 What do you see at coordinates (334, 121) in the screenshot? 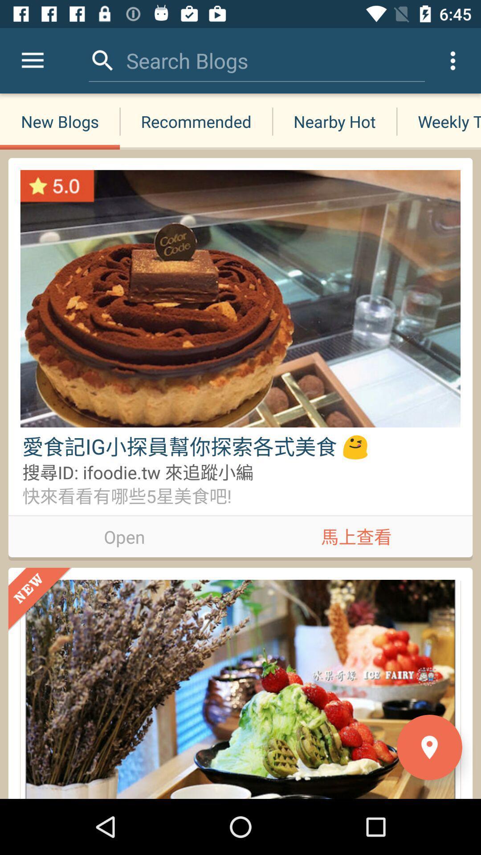
I see `item to the right of the recommended item` at bounding box center [334, 121].